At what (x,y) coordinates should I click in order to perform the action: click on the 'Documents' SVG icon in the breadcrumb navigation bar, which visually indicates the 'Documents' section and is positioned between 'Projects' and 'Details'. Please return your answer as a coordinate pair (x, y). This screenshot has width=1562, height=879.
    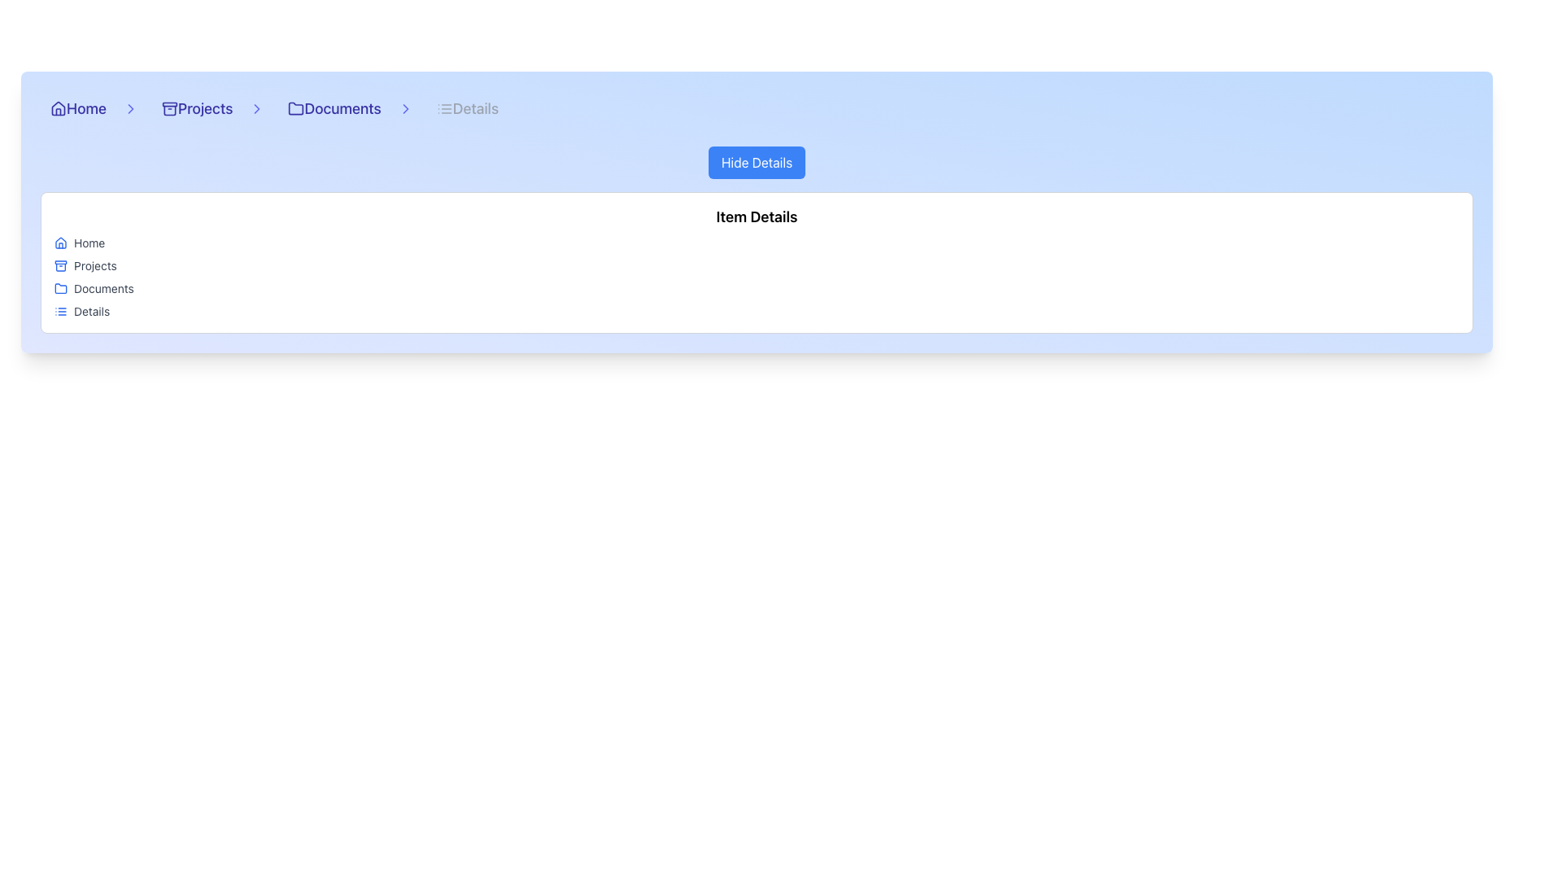
    Looking at the image, I should click on (296, 108).